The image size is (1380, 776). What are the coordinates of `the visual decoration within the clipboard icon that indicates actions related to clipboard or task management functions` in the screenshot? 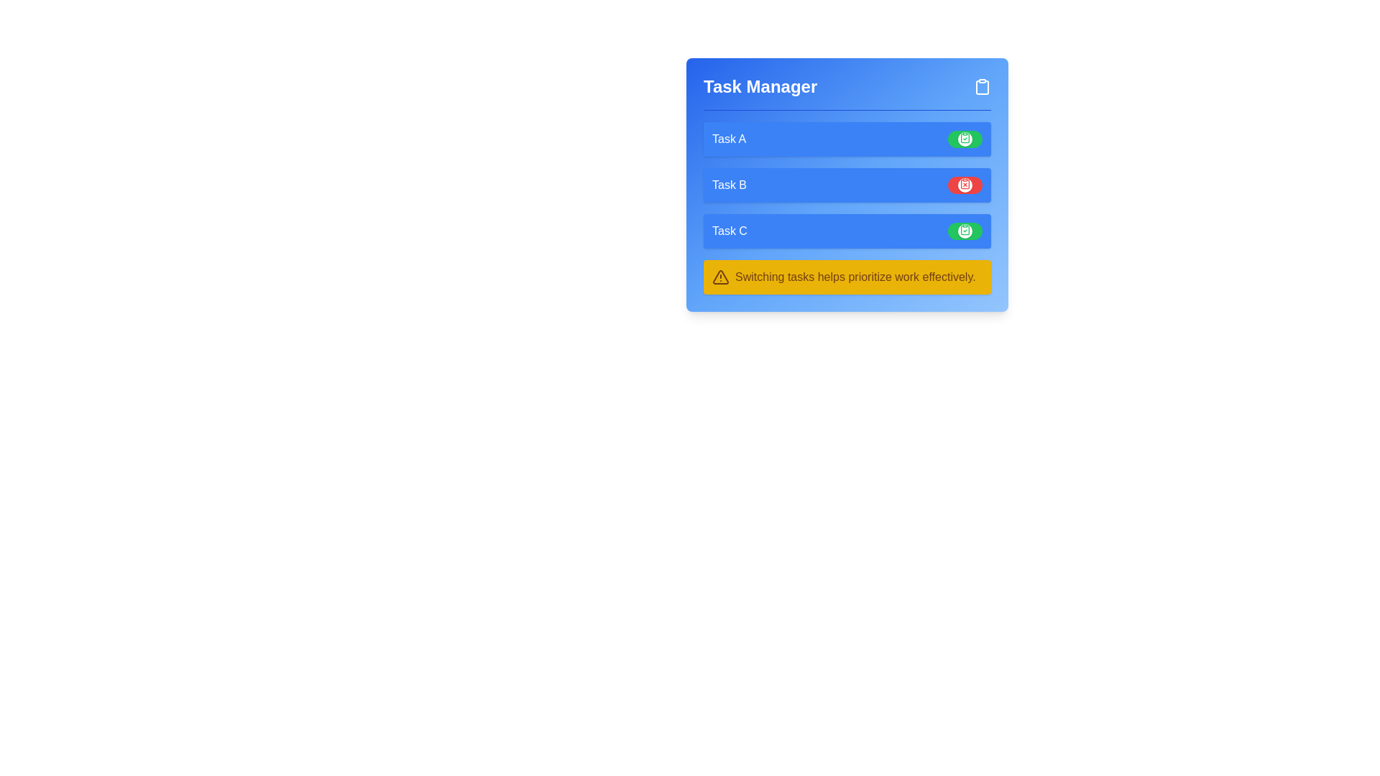 It's located at (982, 88).